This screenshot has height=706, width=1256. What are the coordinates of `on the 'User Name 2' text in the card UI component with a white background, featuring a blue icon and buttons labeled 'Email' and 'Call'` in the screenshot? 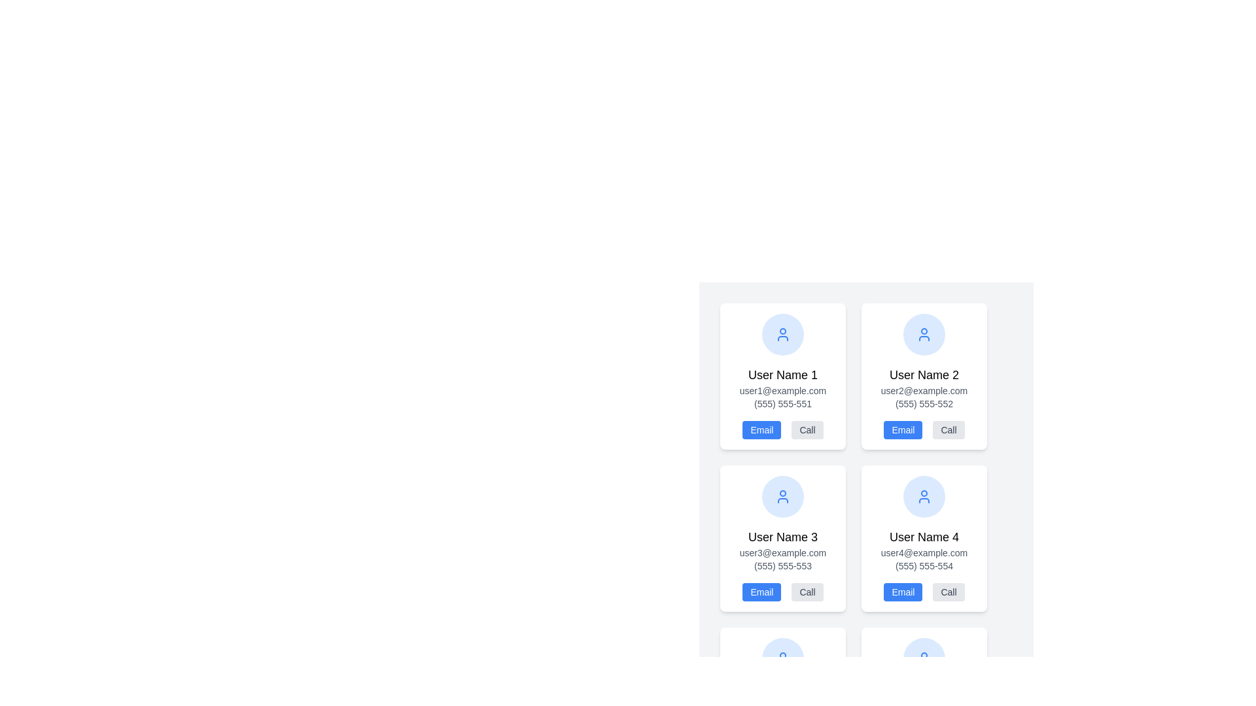 It's located at (923, 376).